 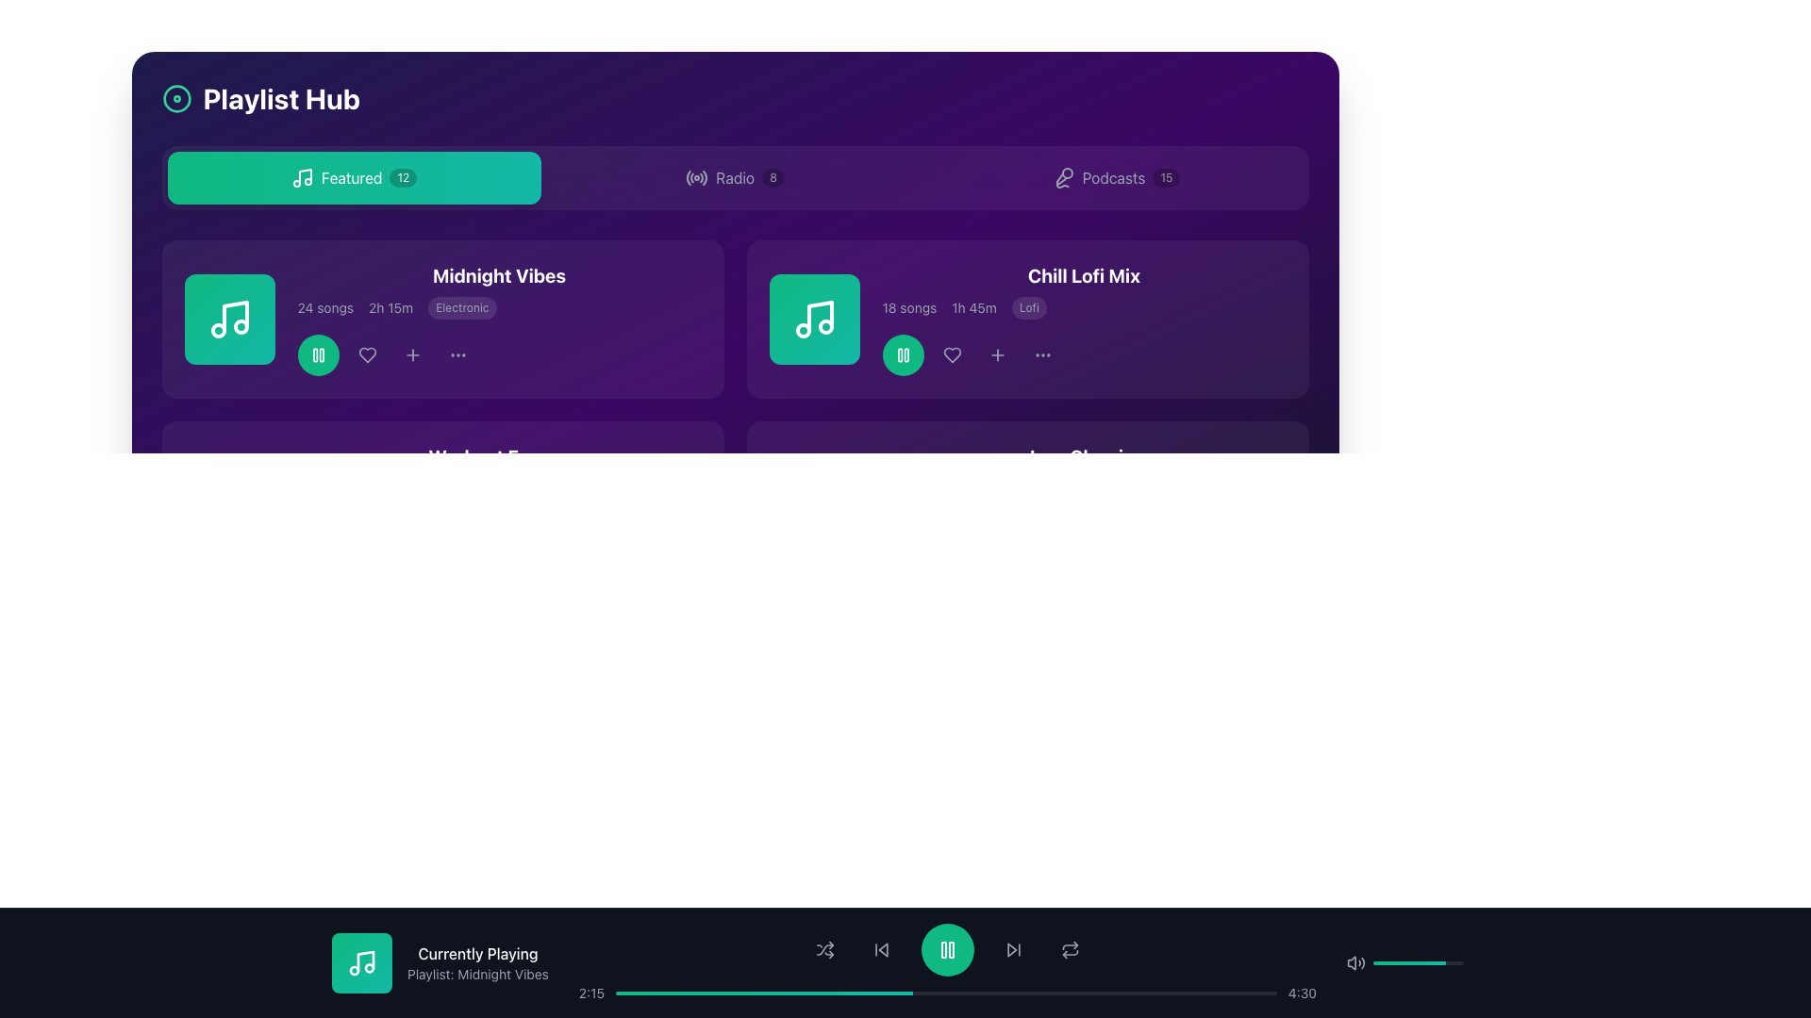 I want to click on the Playlist card located in the top-left quadrant of the grid layout, so click(x=441, y=319).